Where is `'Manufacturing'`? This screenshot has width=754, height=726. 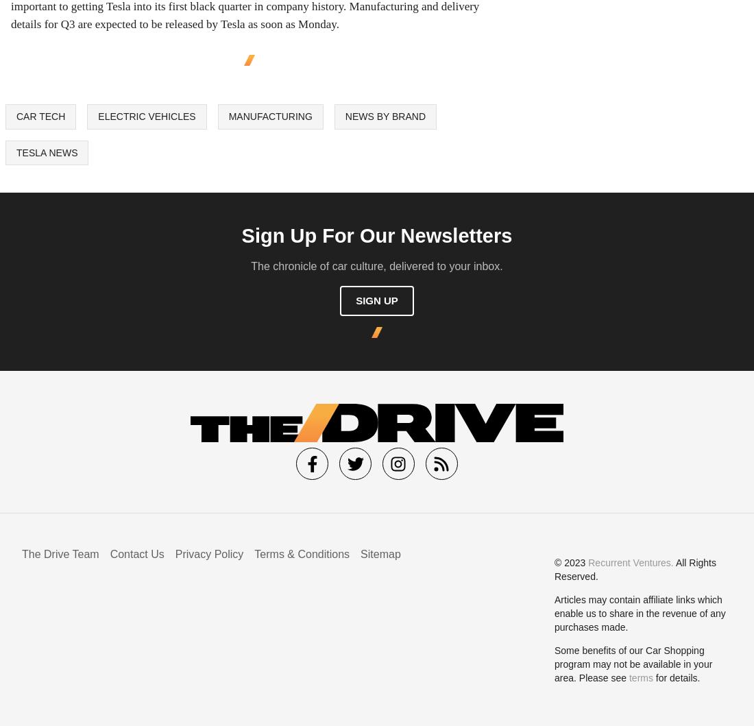 'Manufacturing' is located at coordinates (270, 115).